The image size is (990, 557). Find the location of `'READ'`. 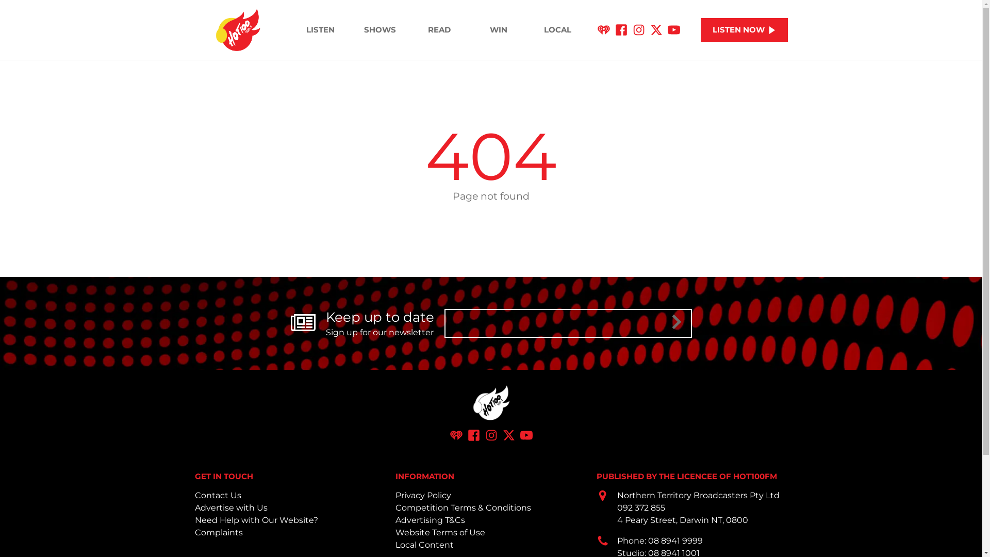

'READ' is located at coordinates (439, 29).